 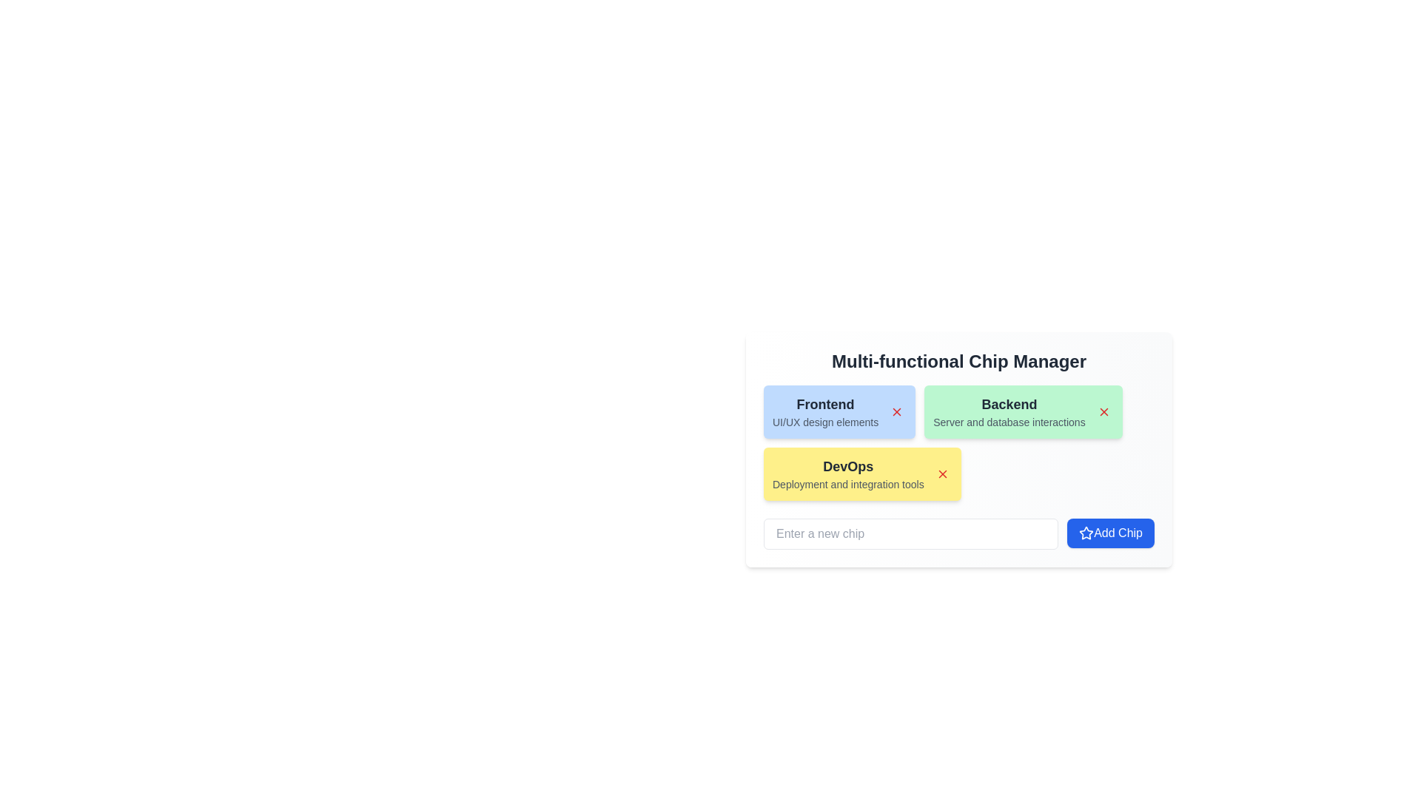 I want to click on on the editable interactive chip in the Multi-functional Chip Manager, which consists of a cluster of three colored chips (blue, green, yellow) with bold text describing domains like 'Frontend', 'Backend', or 'DevOps', so click(x=959, y=442).